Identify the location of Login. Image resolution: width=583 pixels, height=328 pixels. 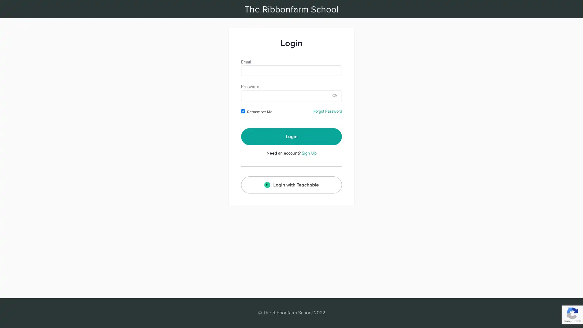
(291, 137).